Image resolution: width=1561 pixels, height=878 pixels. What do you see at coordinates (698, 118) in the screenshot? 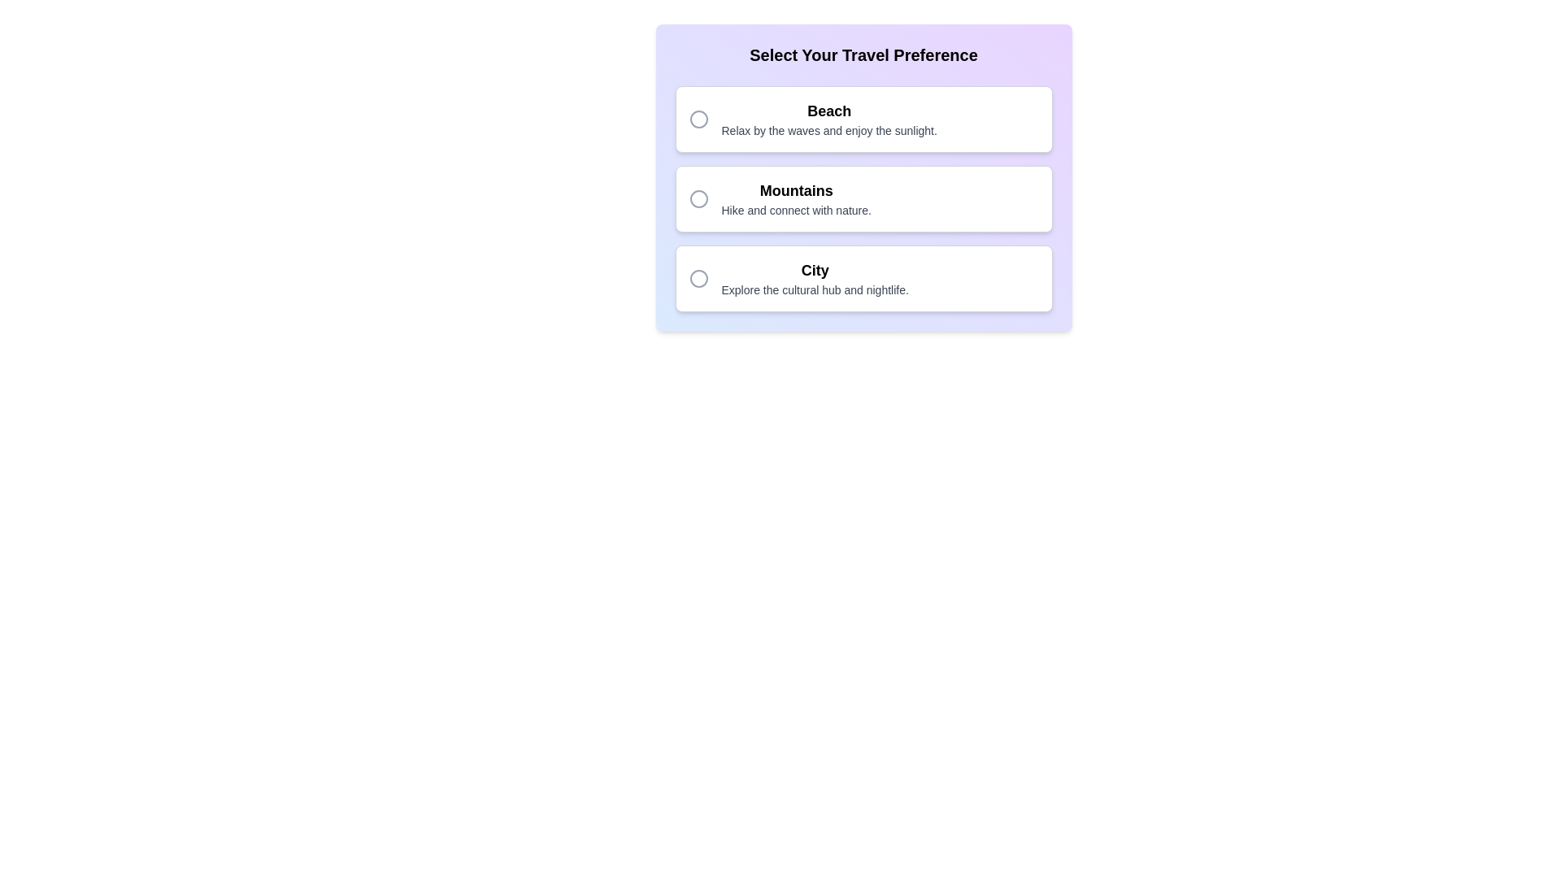
I see `the radio button element for the 'Beach' option` at bounding box center [698, 118].